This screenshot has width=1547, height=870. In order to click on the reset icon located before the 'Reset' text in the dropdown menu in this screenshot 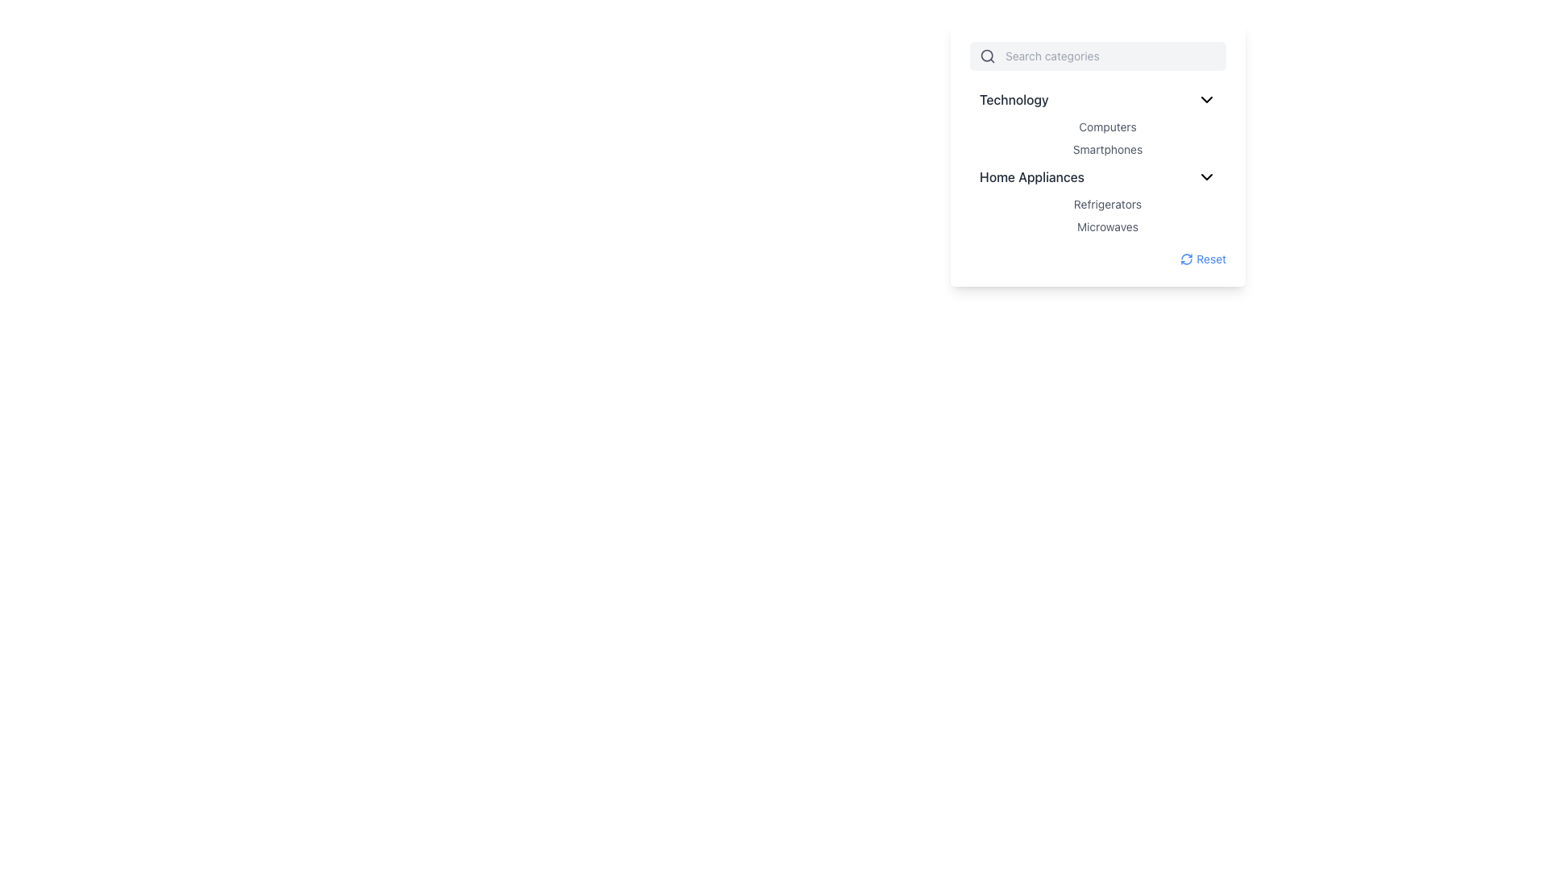, I will do `click(1187, 258)`.